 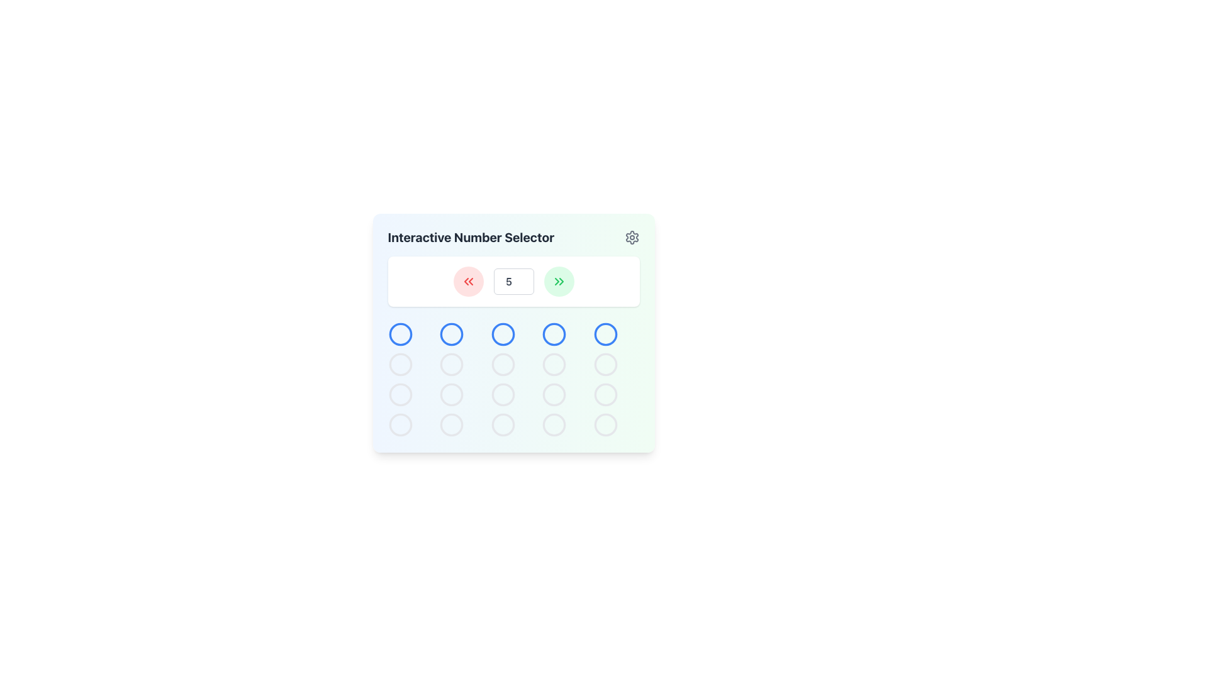 What do you see at coordinates (400, 424) in the screenshot?
I see `the circular icon with a gray outline located in the last row and first column of the grid of circular icons` at bounding box center [400, 424].